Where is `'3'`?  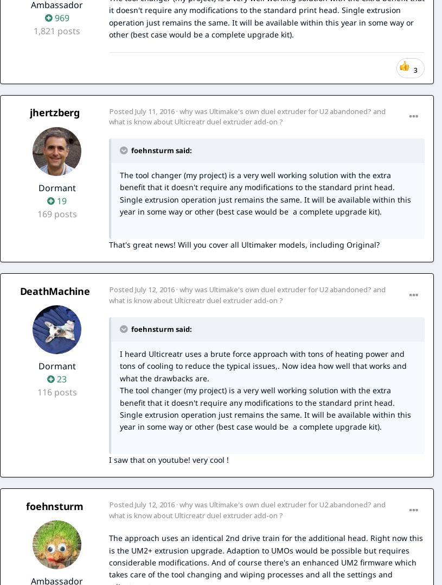 '3' is located at coordinates (415, 70).